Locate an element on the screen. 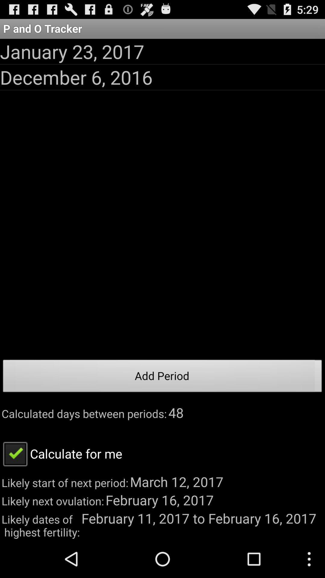 This screenshot has height=578, width=325. the december 6, 2016 is located at coordinates (76, 77).